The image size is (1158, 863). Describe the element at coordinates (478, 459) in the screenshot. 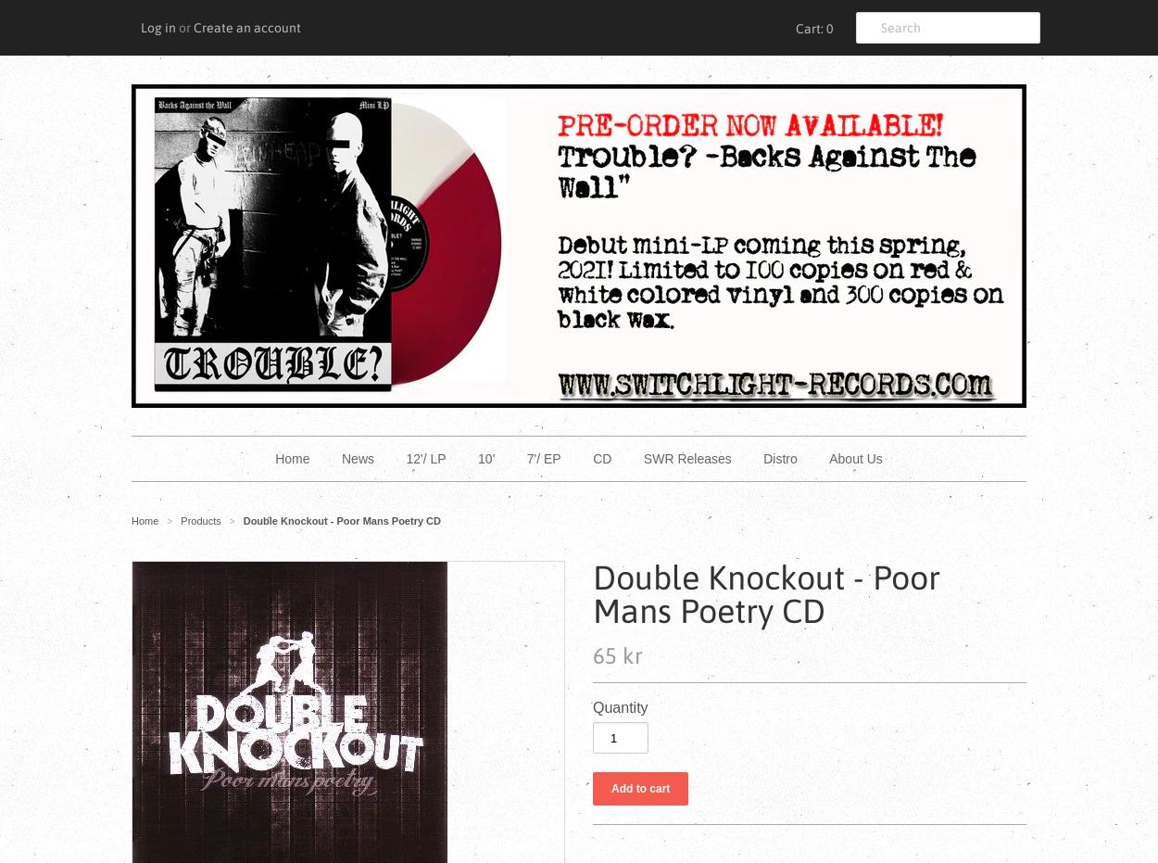

I see `'10''` at that location.